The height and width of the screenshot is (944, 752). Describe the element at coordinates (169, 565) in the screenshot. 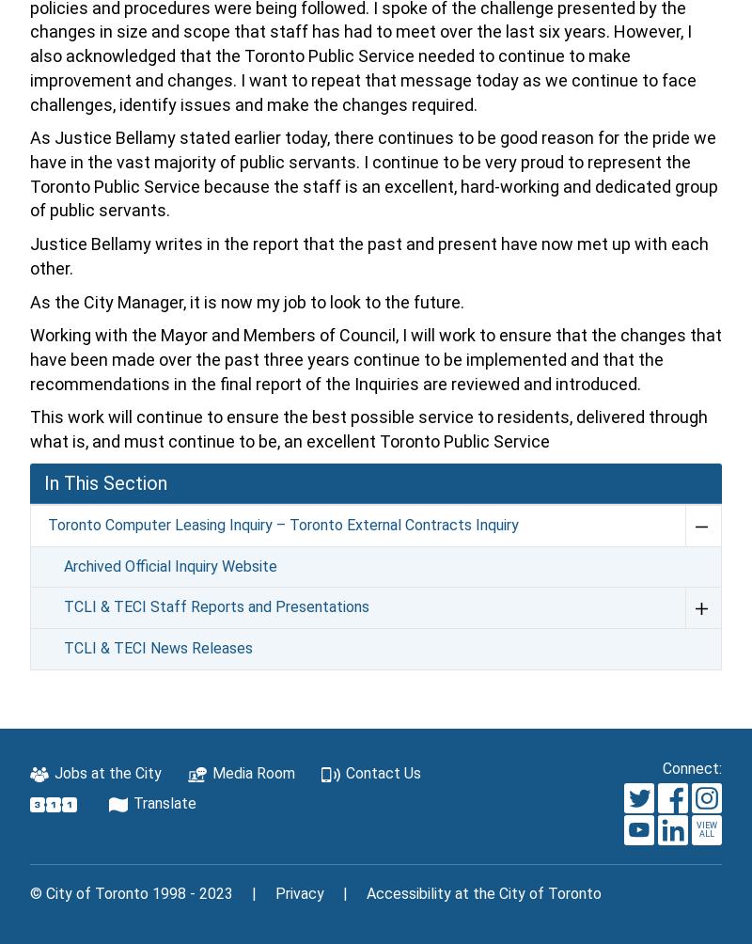

I see `'Archived Official Inquiry Website'` at that location.